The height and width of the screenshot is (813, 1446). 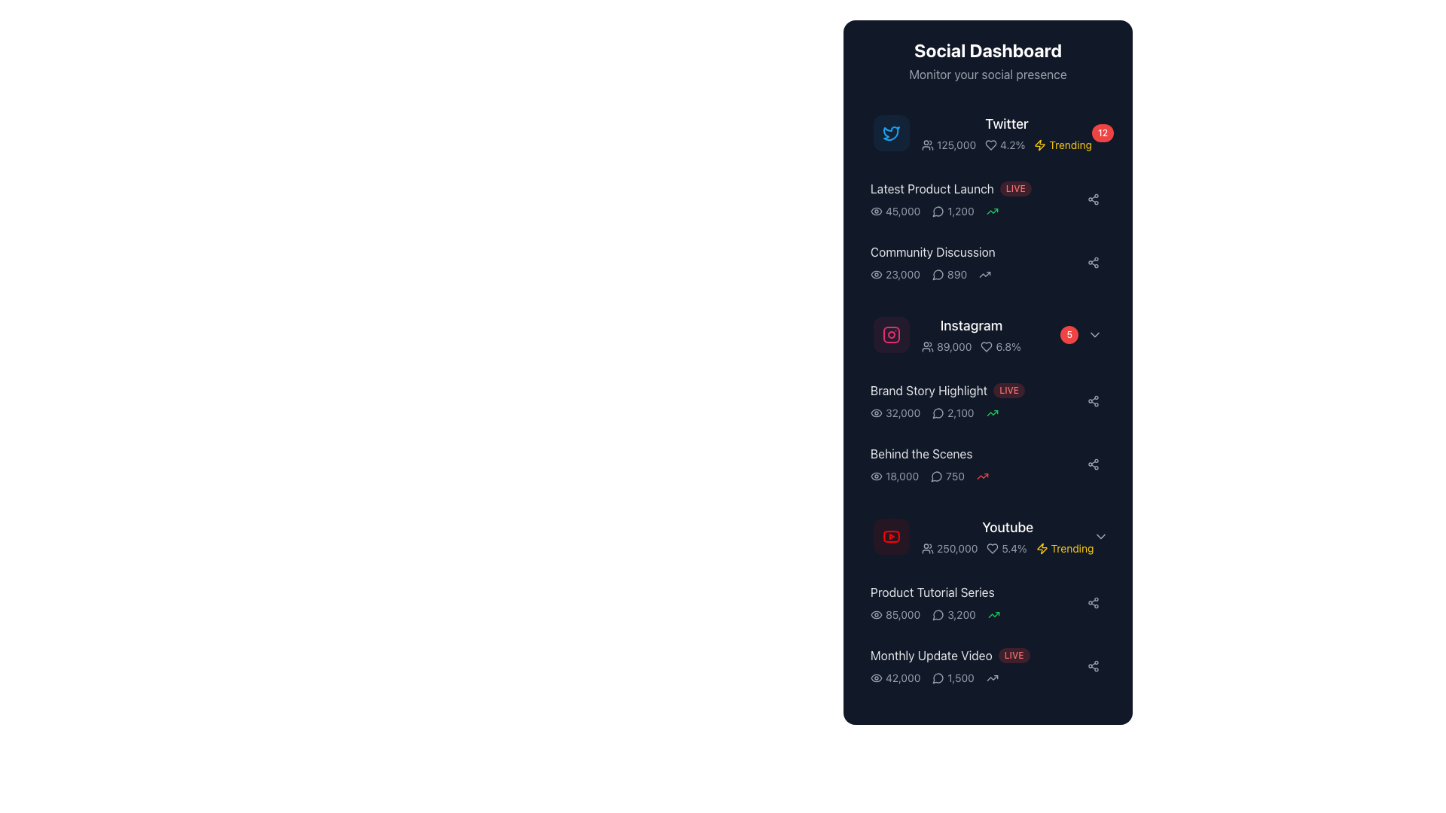 I want to click on the badge displaying the notification count located to the right of the Instagram row, next to the platform icon and statistics, so click(x=1069, y=333).